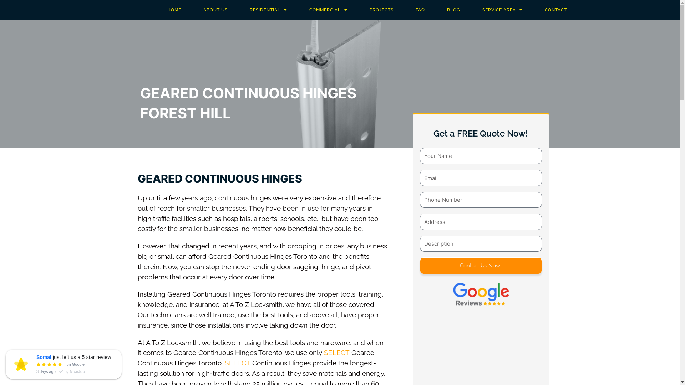 This screenshot has width=685, height=385. What do you see at coordinates (502, 10) in the screenshot?
I see `'SERVICE AREA'` at bounding box center [502, 10].